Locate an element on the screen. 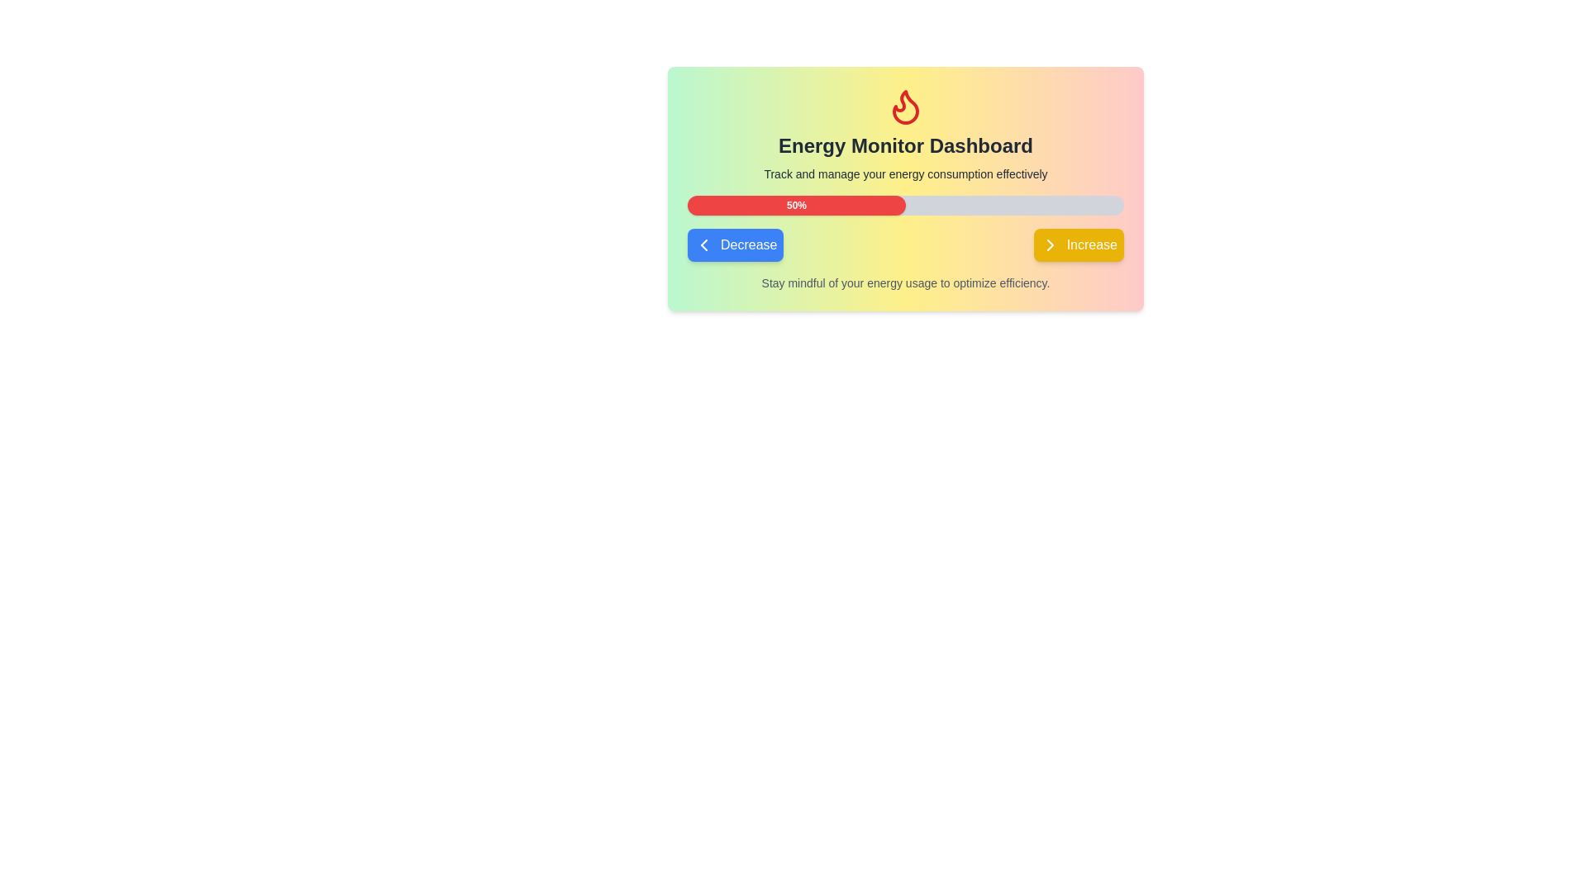 This screenshot has height=892, width=1587. the static text element that reads 'Track and manage your energy consumption effectively', which is located beneath the title 'Energy Monitor Dashboard' in the energy monitor card is located at coordinates (904, 174).